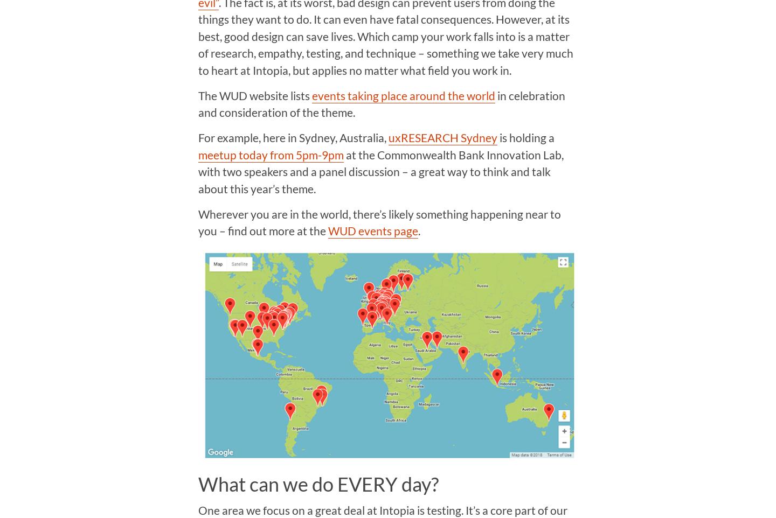 The width and height of the screenshot is (776, 518). Describe the element at coordinates (525, 137) in the screenshot. I see `'is holding a'` at that location.